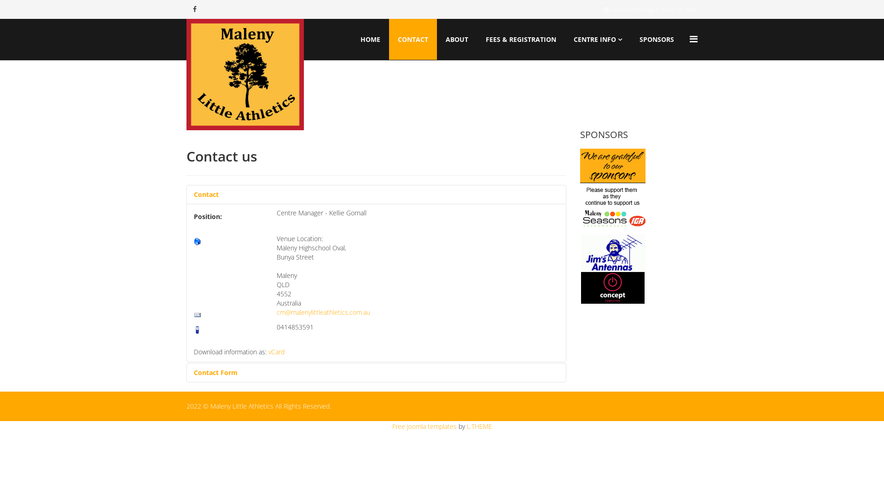 The height and width of the screenshot is (497, 884). I want to click on 'cm@malenylittleathletics.com.au', so click(323, 312).